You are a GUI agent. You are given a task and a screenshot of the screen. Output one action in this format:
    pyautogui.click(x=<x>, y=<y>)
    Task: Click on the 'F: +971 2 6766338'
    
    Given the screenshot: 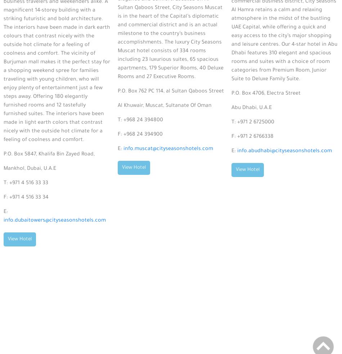 What is the action you would take?
    pyautogui.click(x=252, y=137)
    